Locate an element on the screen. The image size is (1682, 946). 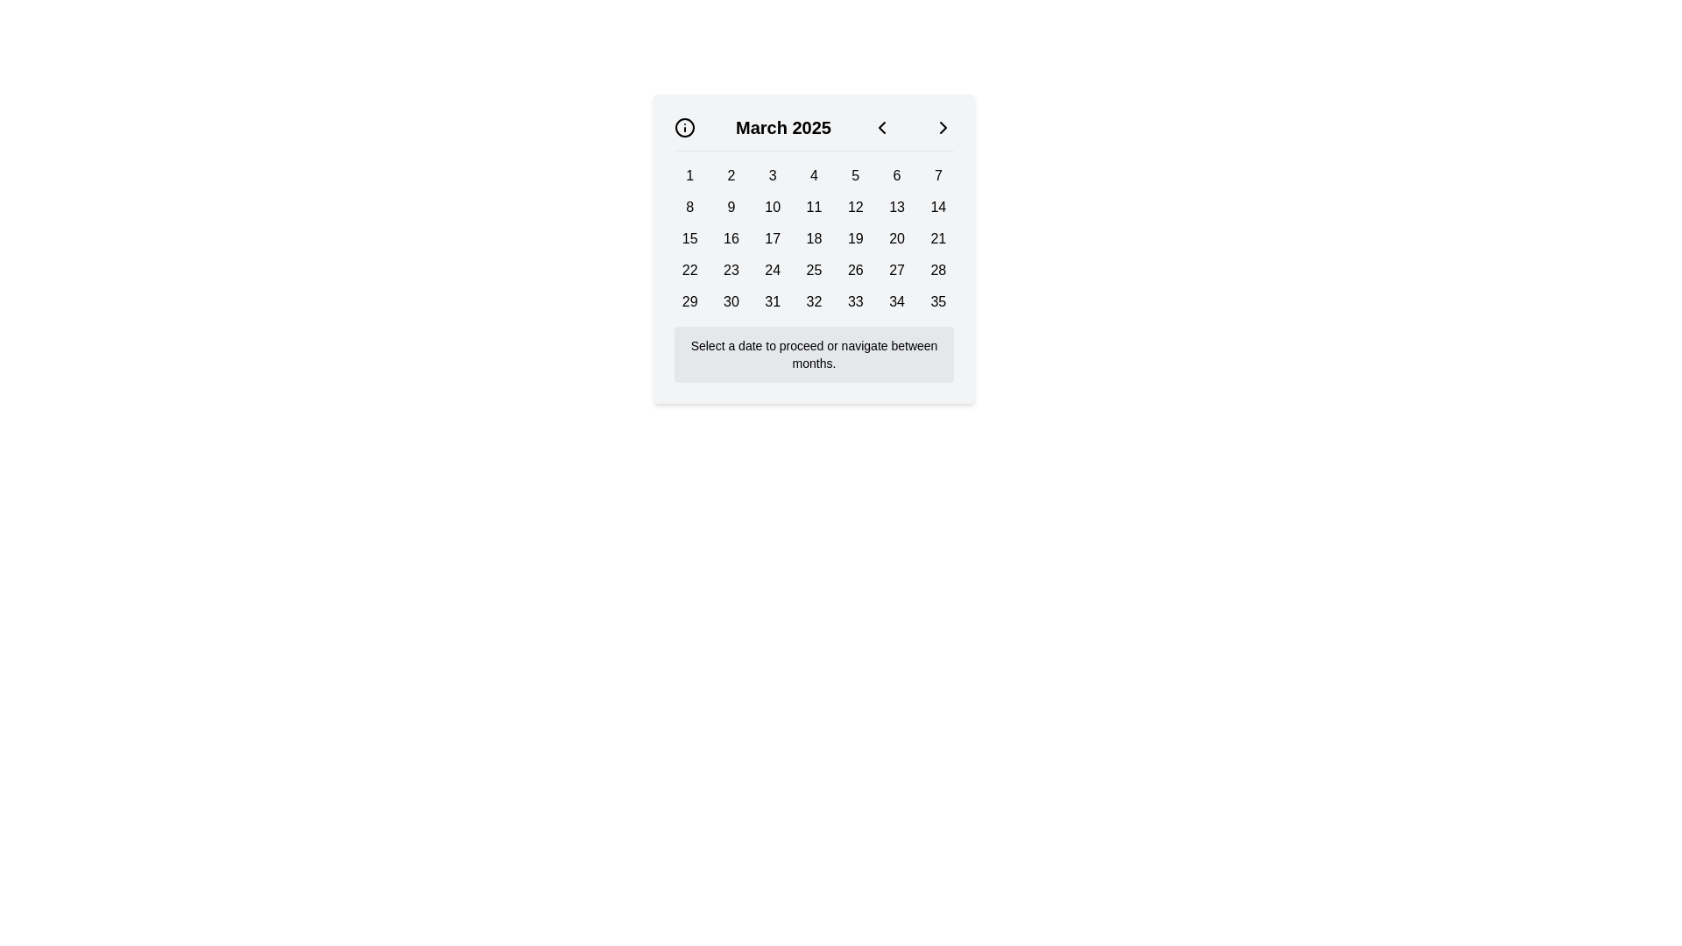
the button representing the date '27' in the calendar grid is located at coordinates (896, 270).